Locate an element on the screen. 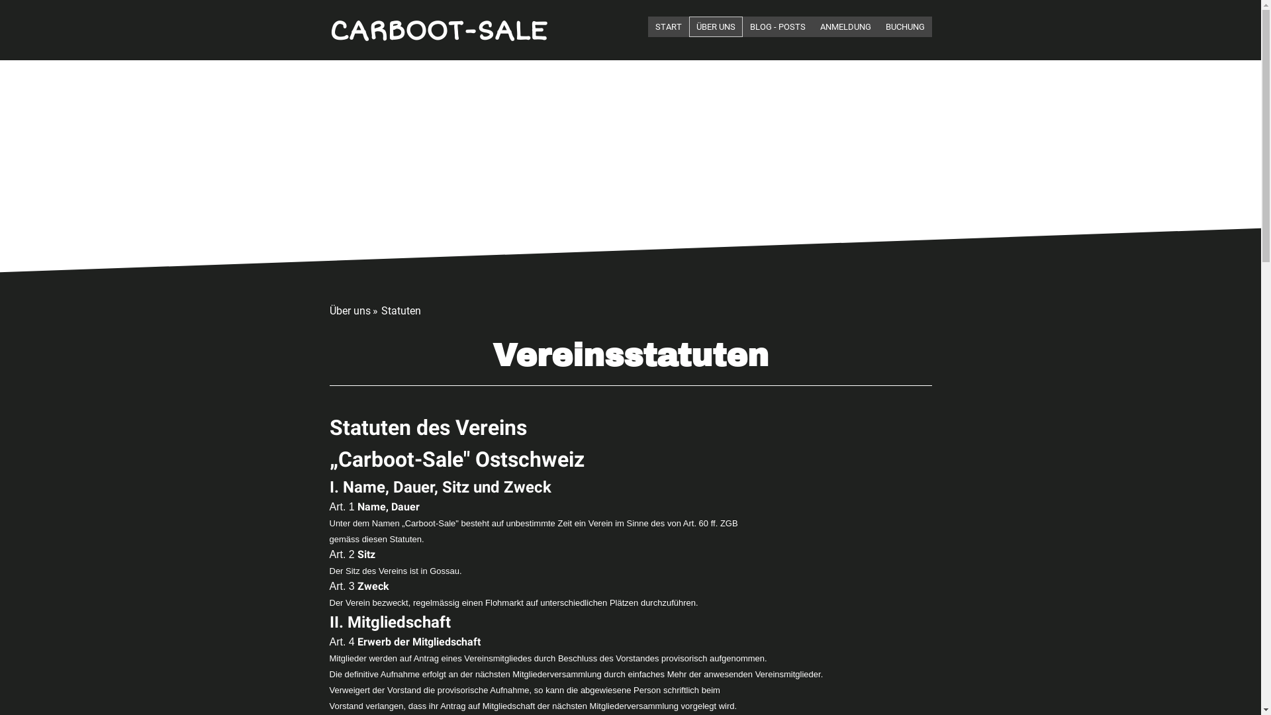  'BUCHUNG' is located at coordinates (904, 26).